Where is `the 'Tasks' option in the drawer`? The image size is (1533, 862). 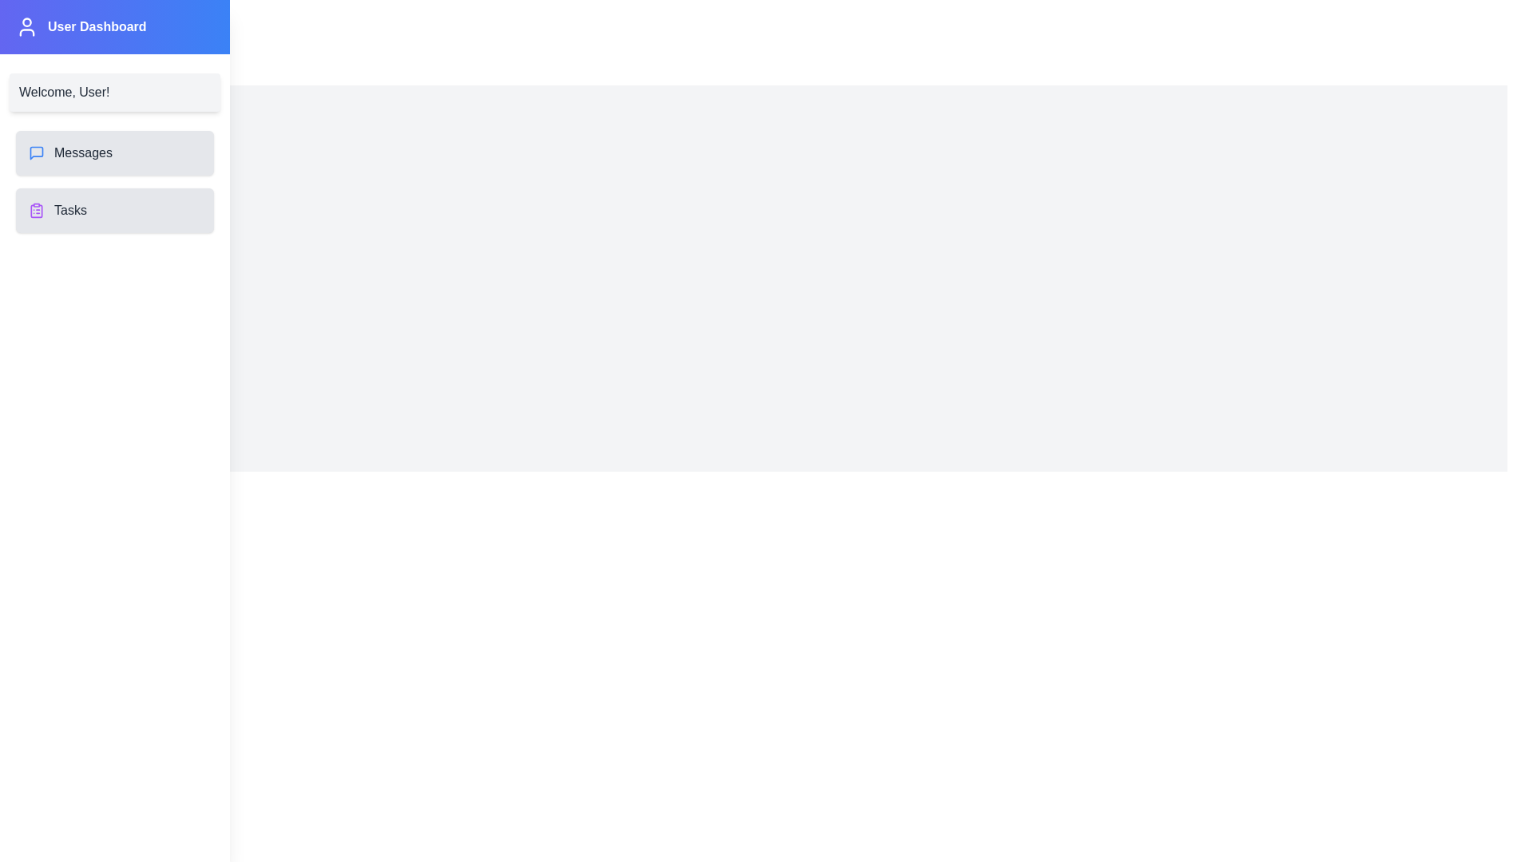
the 'Tasks' option in the drawer is located at coordinates (114, 209).